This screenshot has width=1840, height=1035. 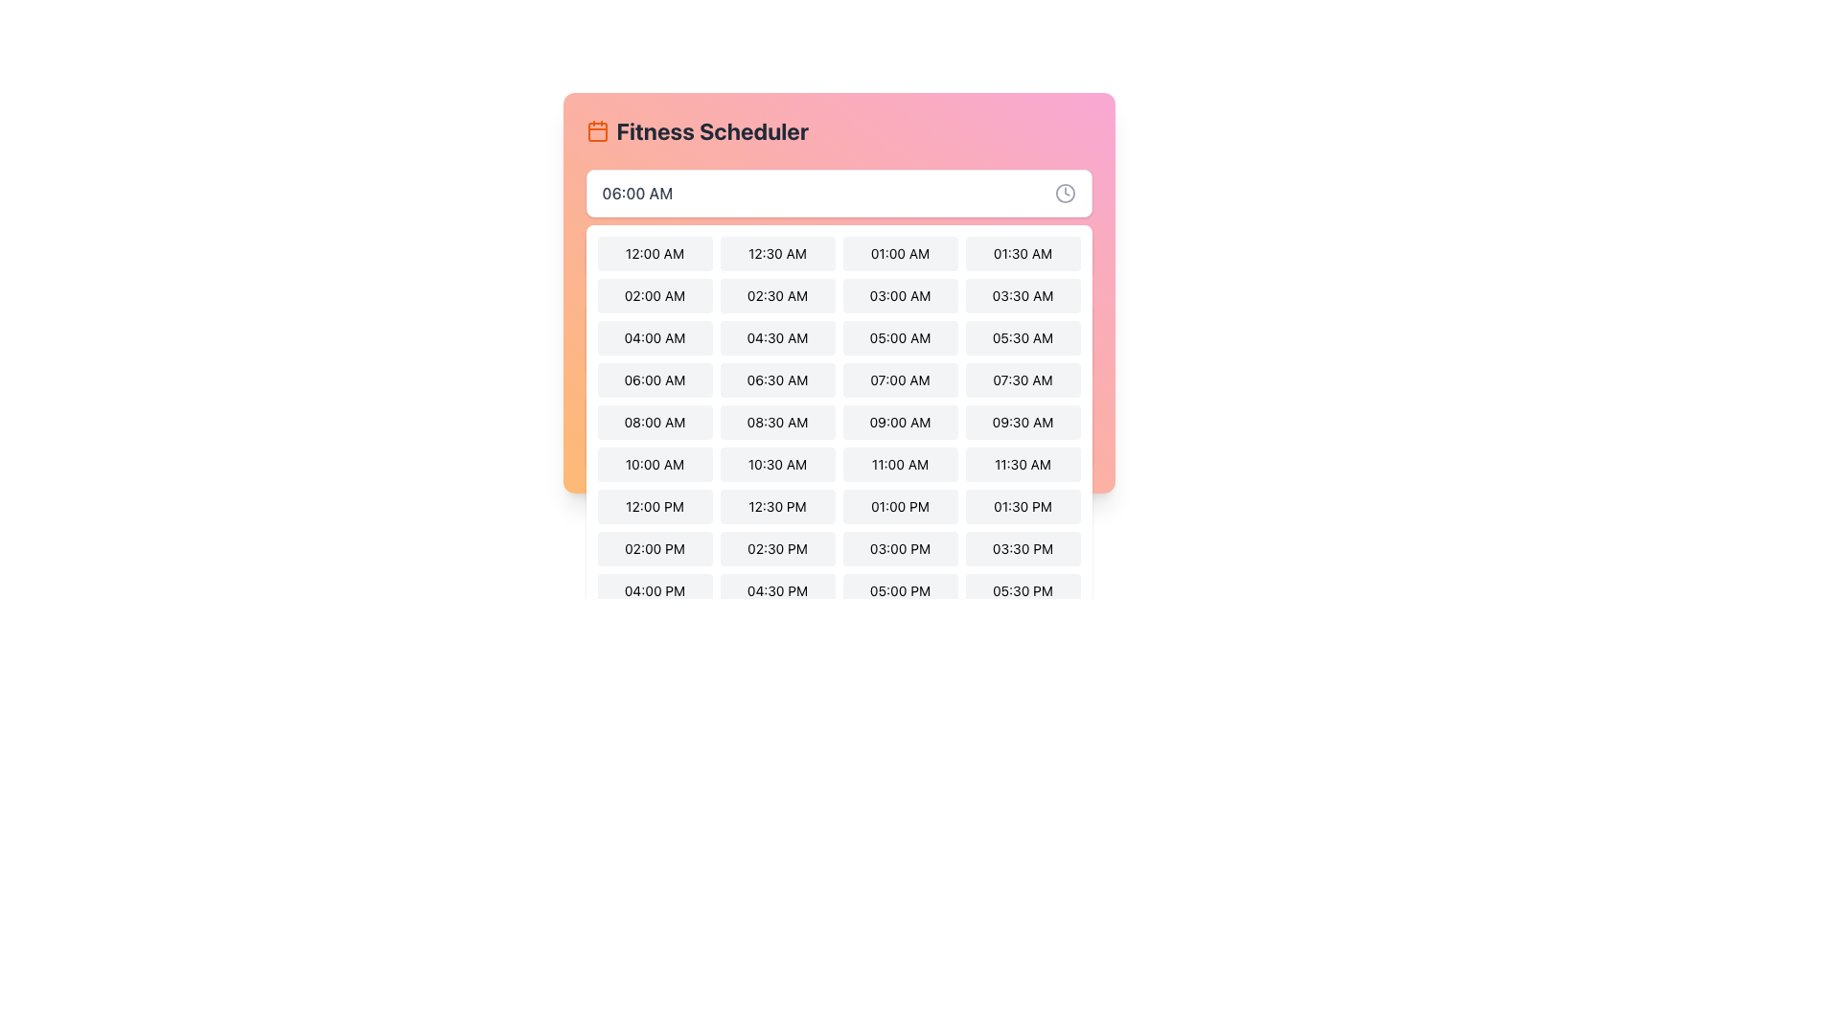 I want to click on the rectangular button labeled '10:00 AM' located in the third row and first column of the grid within the Fitness Scheduler dropdown, so click(x=655, y=465).